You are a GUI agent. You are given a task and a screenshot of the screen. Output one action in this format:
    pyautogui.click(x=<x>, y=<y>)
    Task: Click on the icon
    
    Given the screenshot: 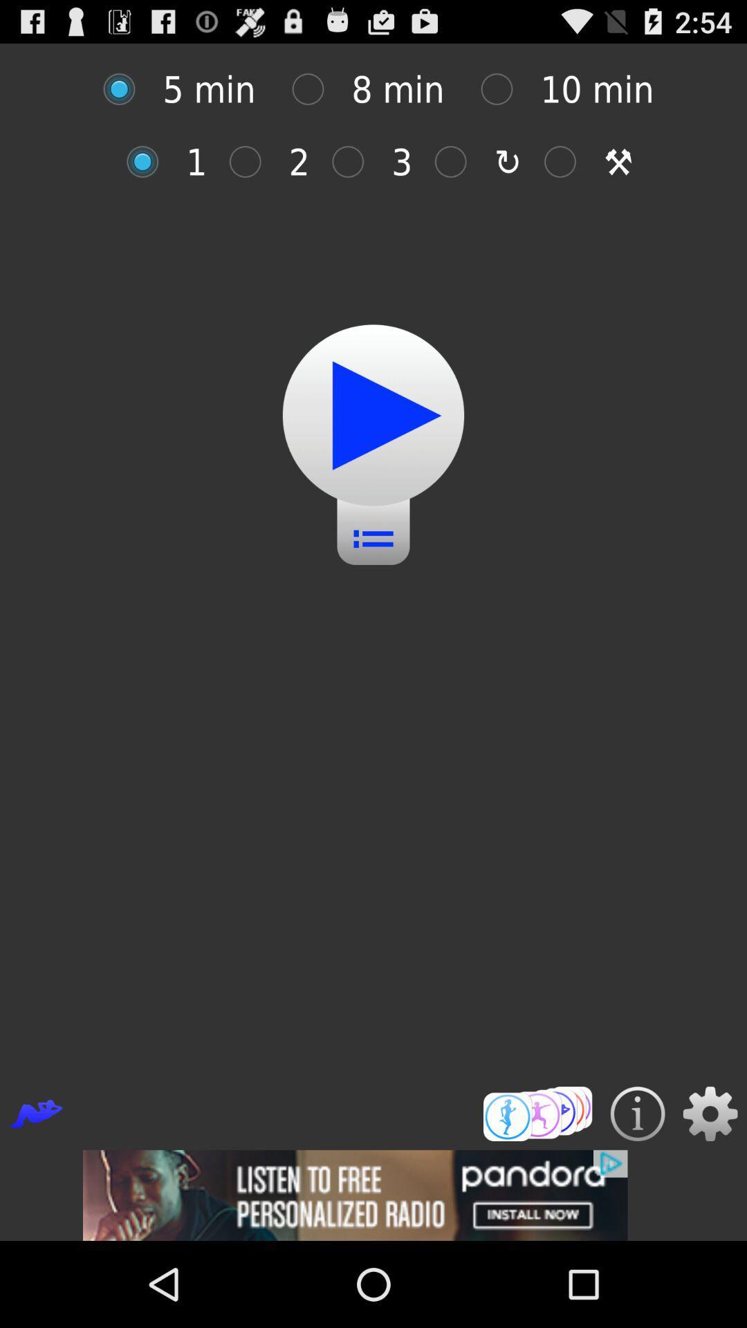 What is the action you would take?
    pyautogui.click(x=567, y=162)
    